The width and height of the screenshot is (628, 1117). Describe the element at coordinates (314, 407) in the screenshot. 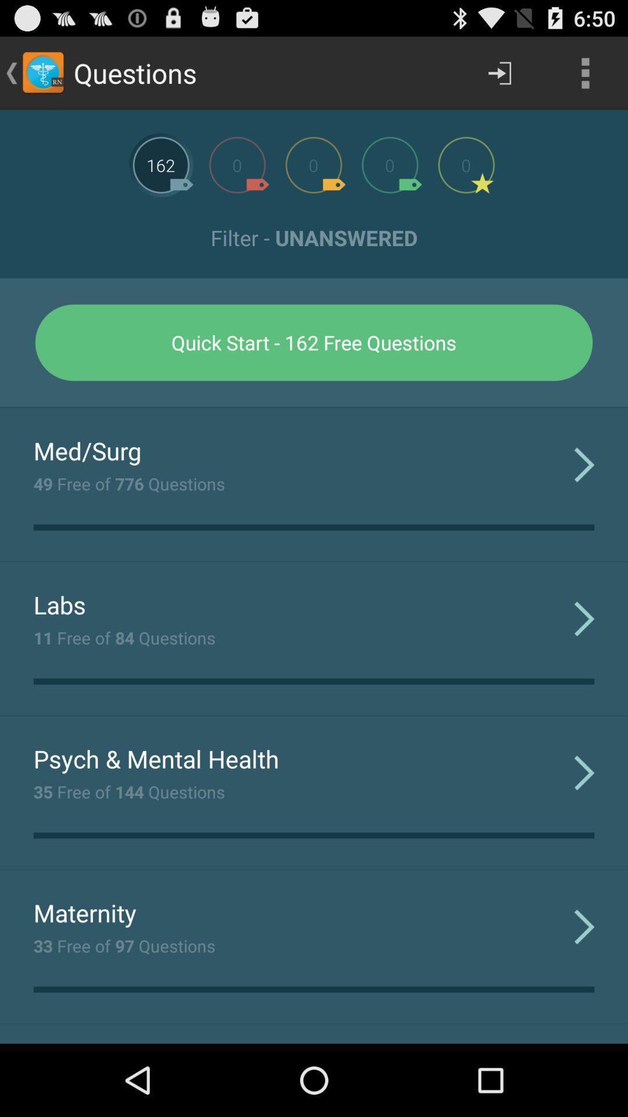

I see `the icon below quick start 162 icon` at that location.